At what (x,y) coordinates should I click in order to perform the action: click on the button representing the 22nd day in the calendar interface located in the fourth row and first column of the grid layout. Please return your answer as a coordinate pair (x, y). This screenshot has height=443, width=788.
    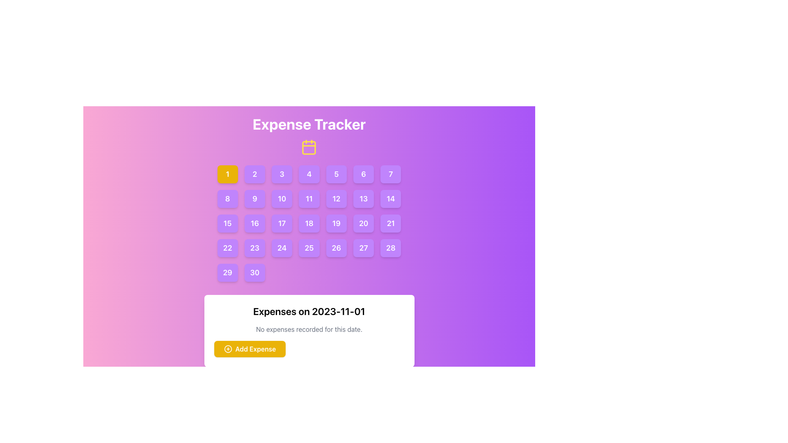
    Looking at the image, I should click on (227, 248).